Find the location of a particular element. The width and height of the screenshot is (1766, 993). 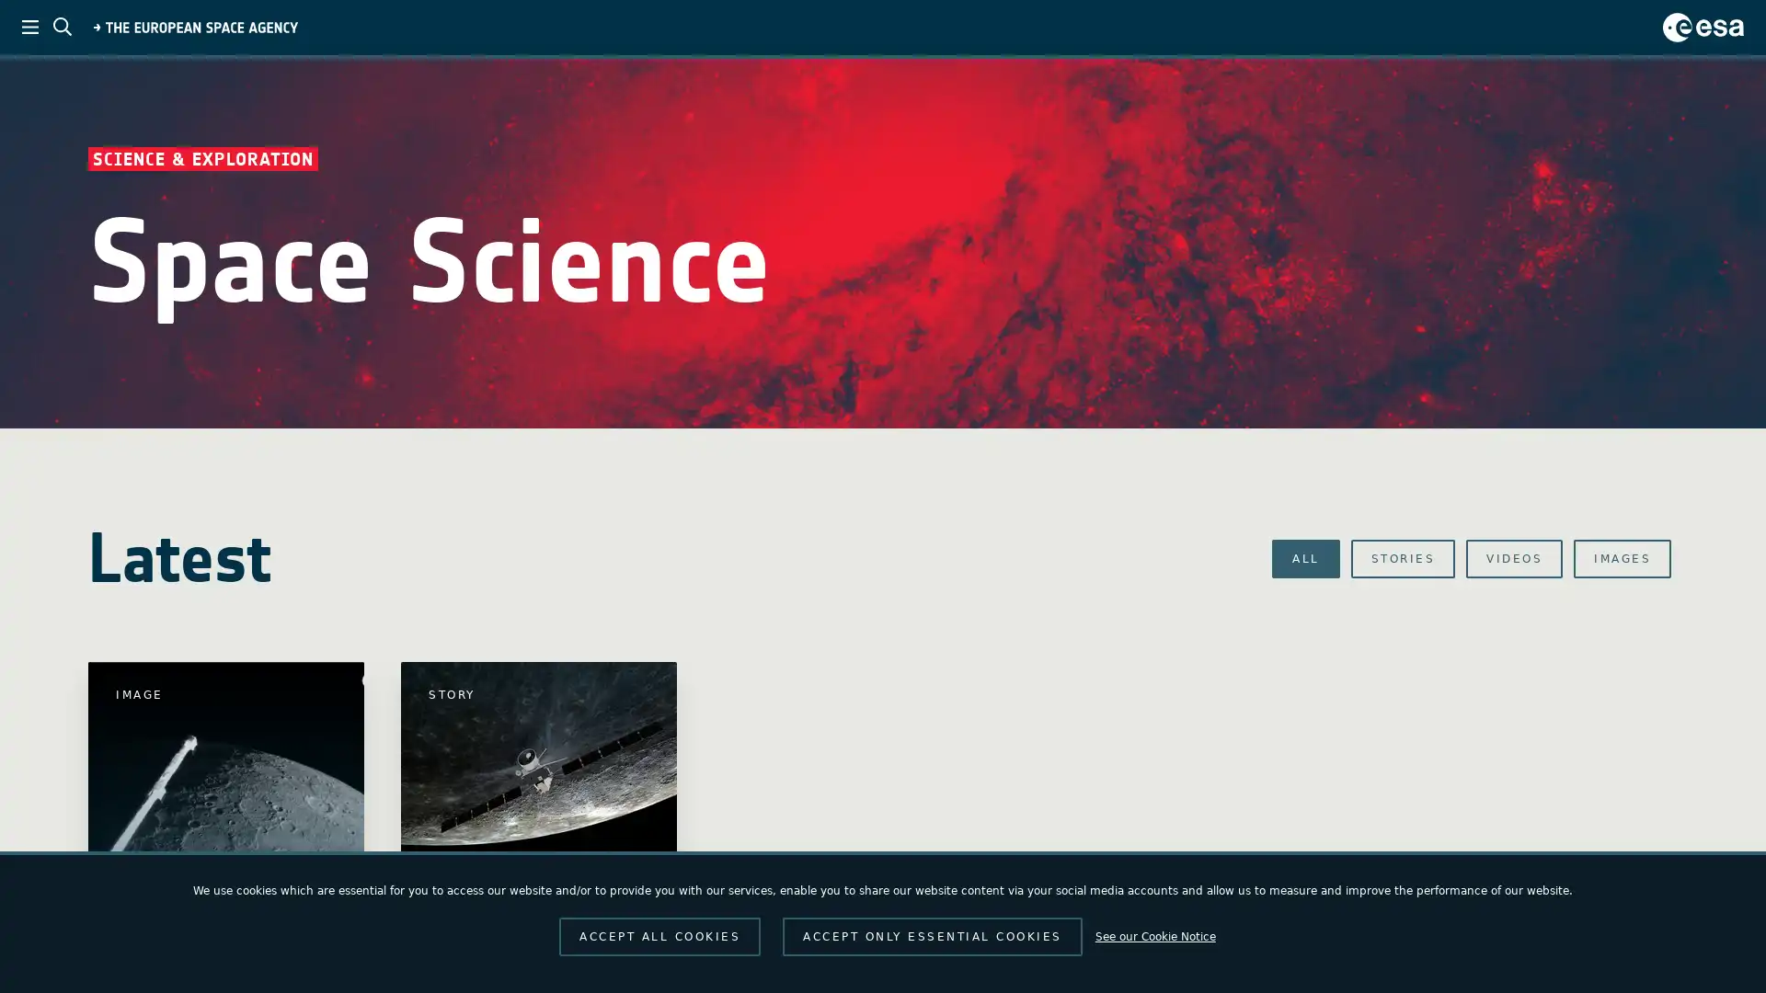

ESA menu toggle is located at coordinates (30, 28).